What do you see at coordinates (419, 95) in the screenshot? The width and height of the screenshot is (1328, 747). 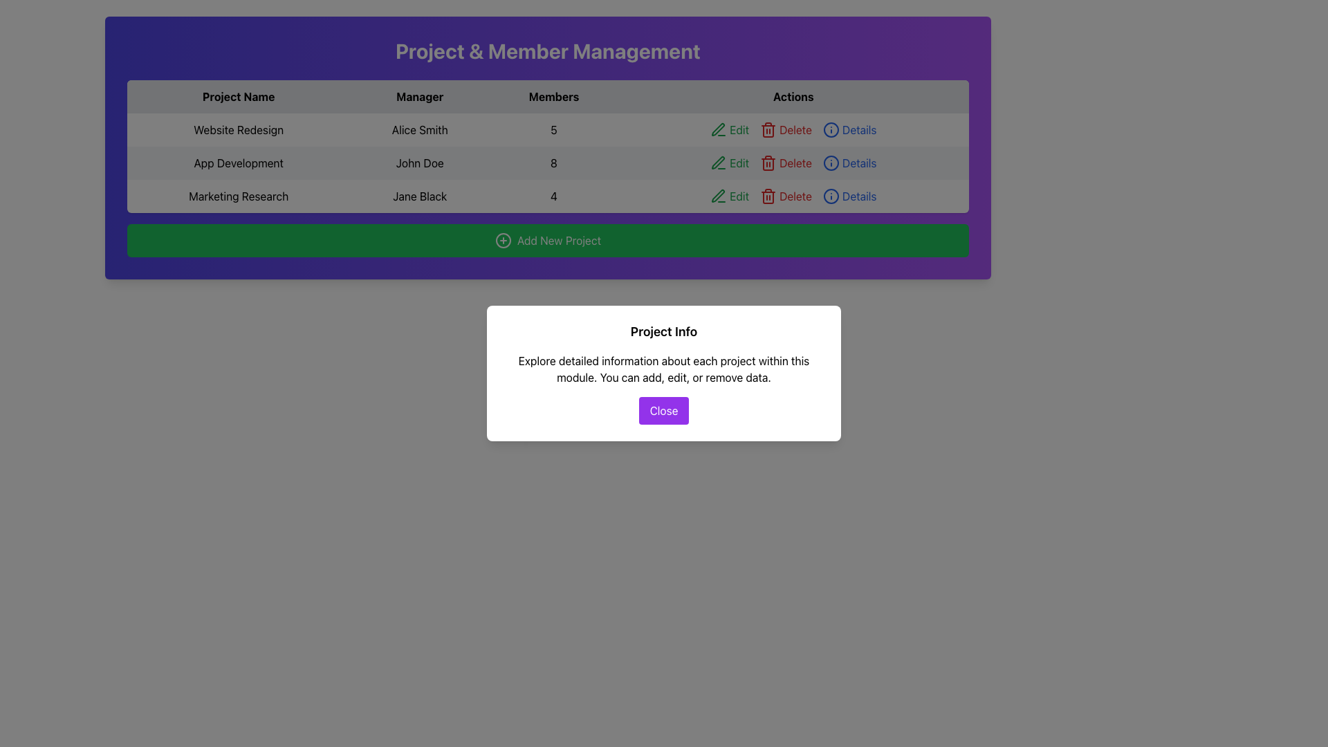 I see `the 'Manager' label, which is the second item in a header row of four labels in a purple header section, located above a tabular layout` at bounding box center [419, 95].